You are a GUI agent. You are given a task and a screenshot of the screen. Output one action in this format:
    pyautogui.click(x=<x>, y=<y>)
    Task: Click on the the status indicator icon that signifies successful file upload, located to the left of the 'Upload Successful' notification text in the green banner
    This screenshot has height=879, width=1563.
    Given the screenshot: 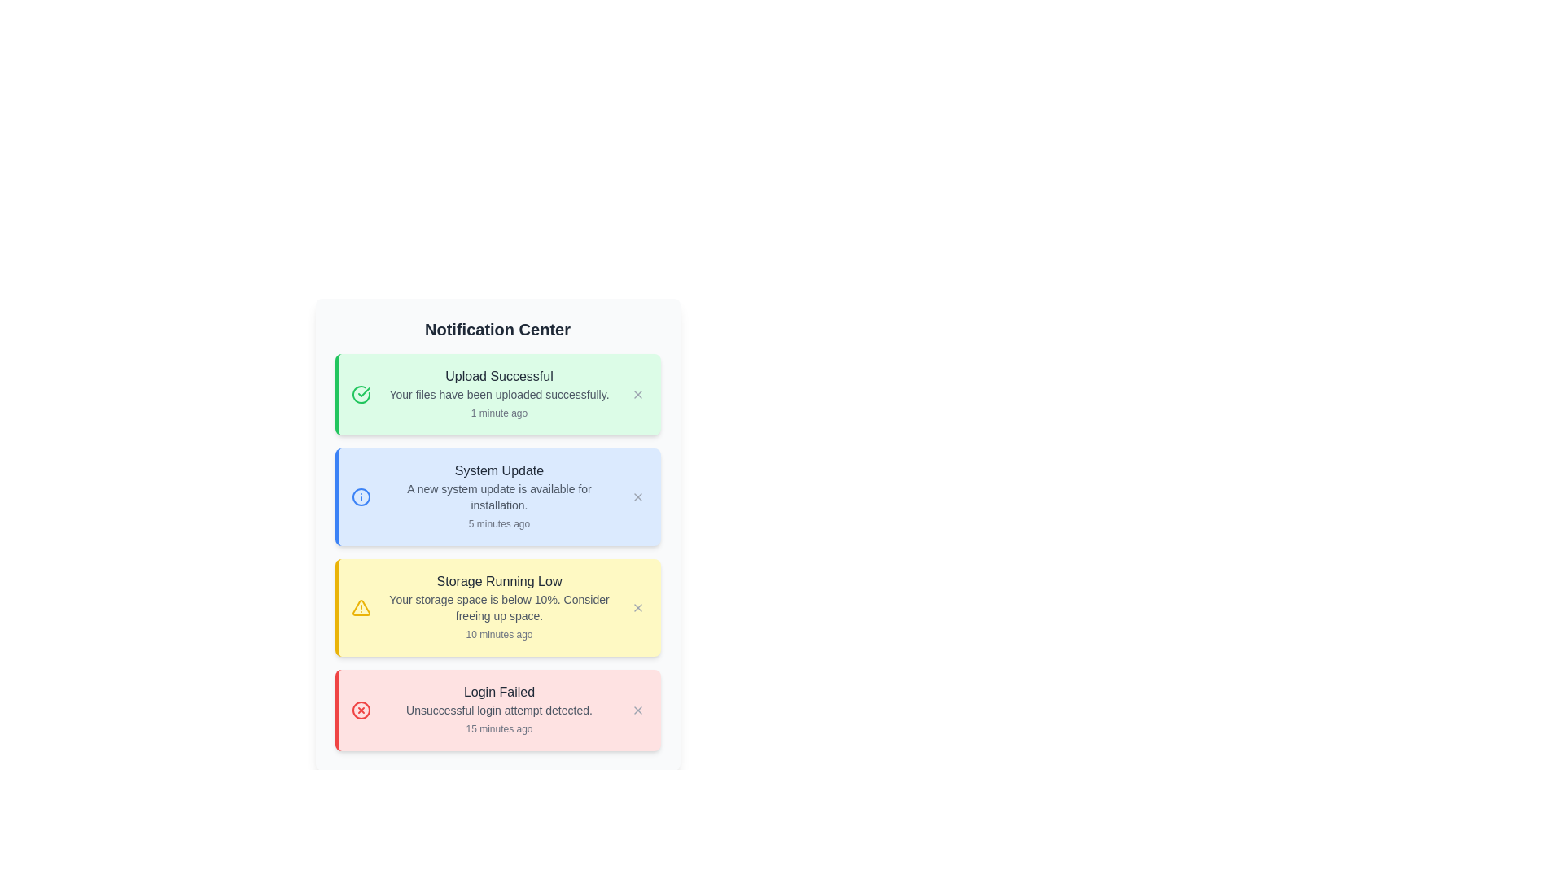 What is the action you would take?
    pyautogui.click(x=360, y=395)
    